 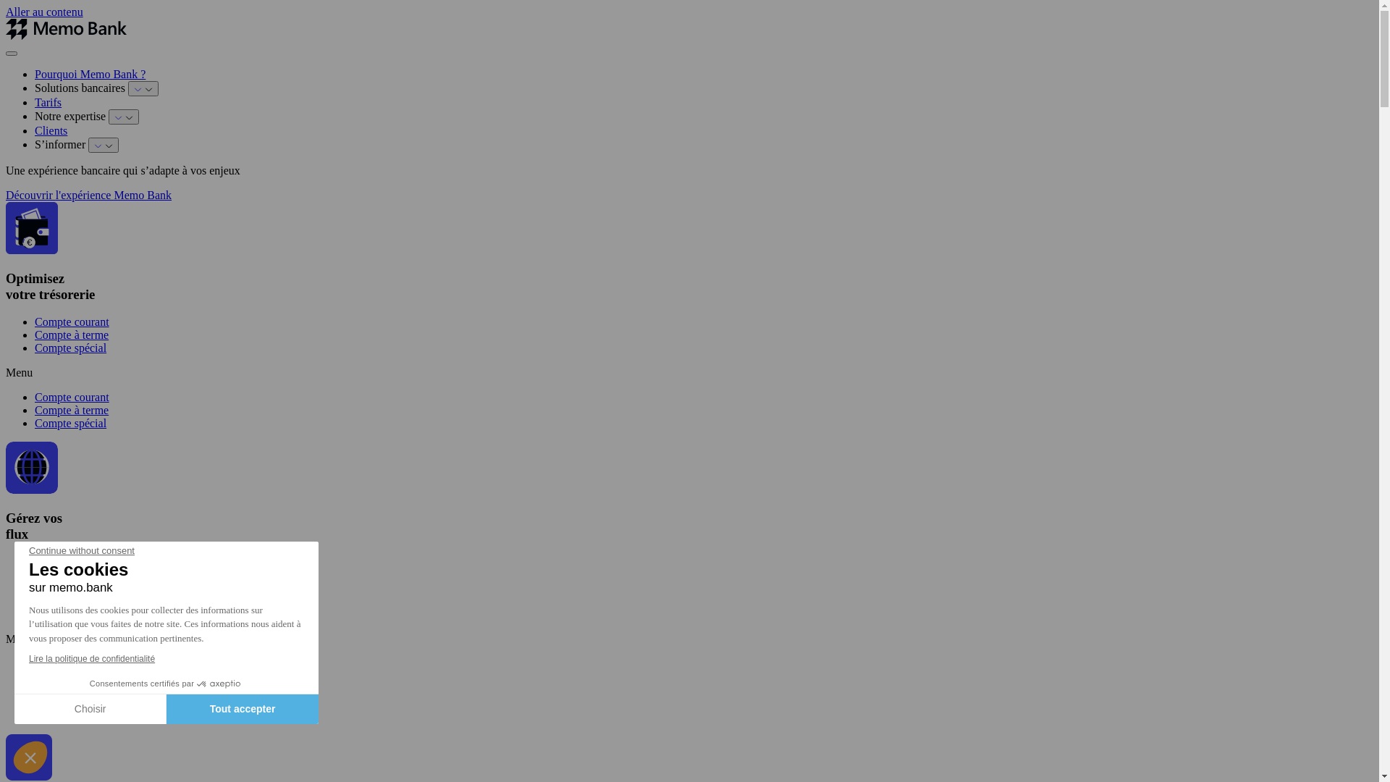 I want to click on 'Carte entreprise', so click(x=71, y=676).